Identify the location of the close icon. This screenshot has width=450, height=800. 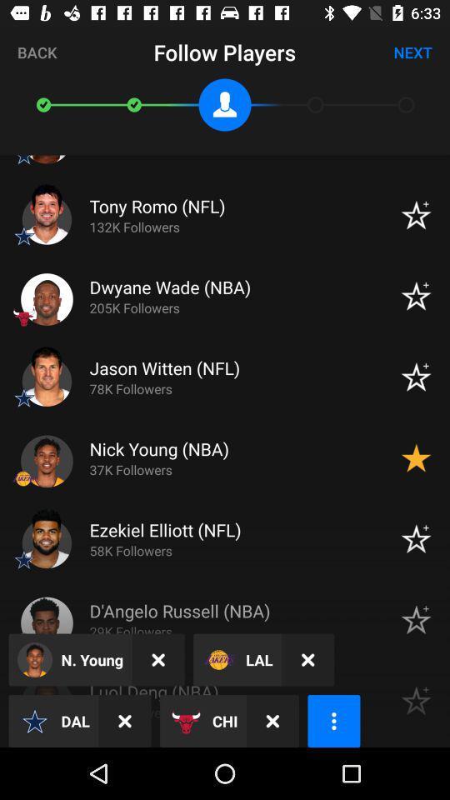
(124, 720).